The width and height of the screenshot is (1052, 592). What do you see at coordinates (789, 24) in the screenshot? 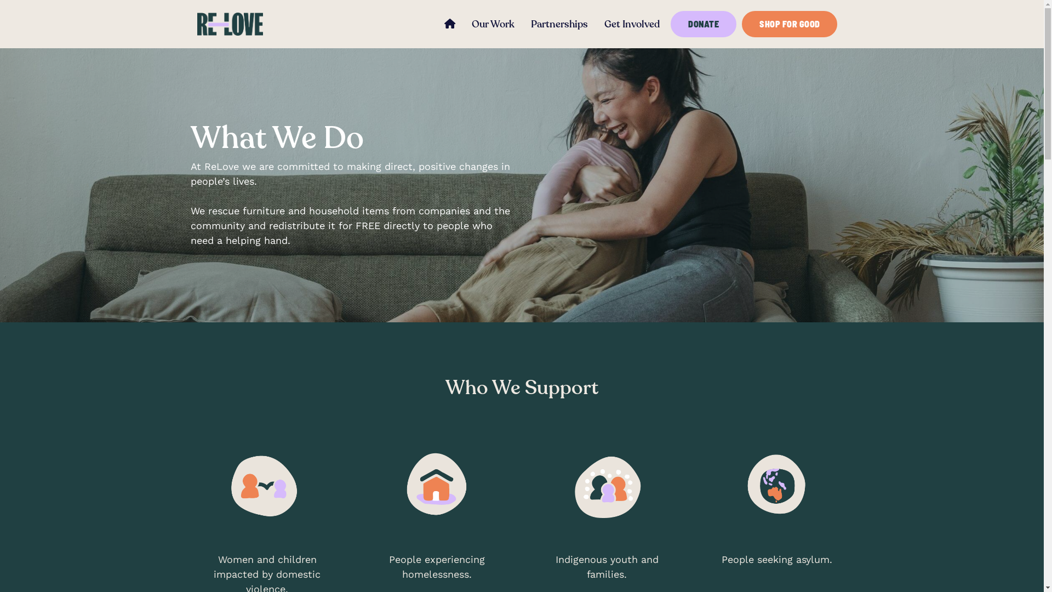
I see `'SHOP FOR GOOD'` at bounding box center [789, 24].